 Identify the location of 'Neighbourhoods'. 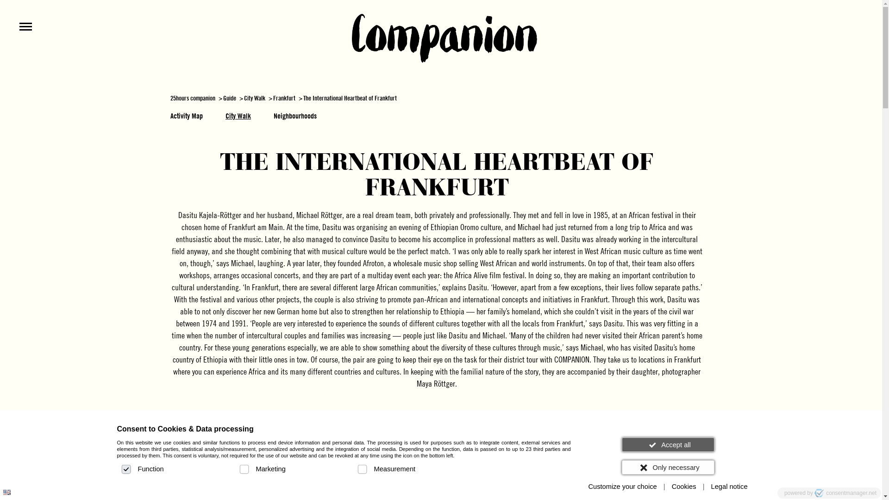
(294, 115).